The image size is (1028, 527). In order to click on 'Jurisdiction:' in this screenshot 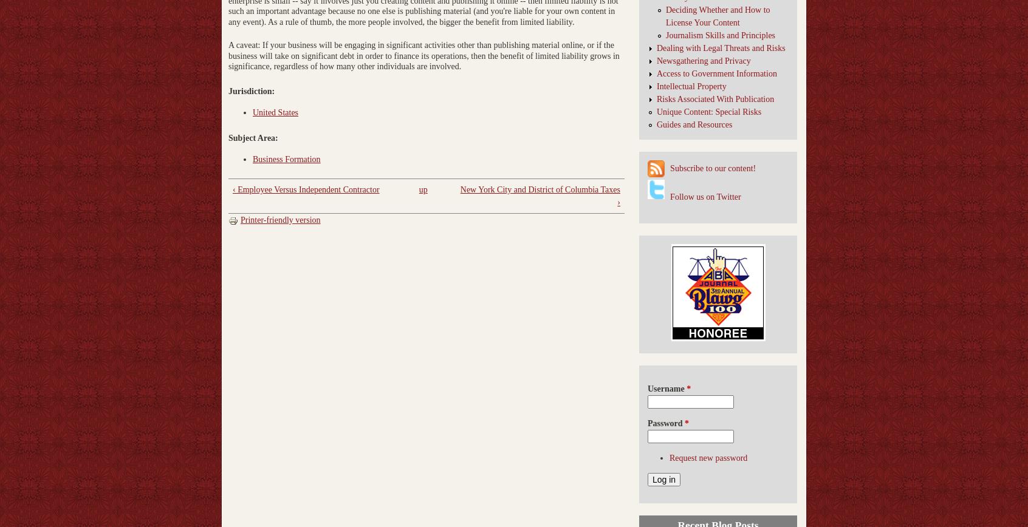, I will do `click(252, 90)`.